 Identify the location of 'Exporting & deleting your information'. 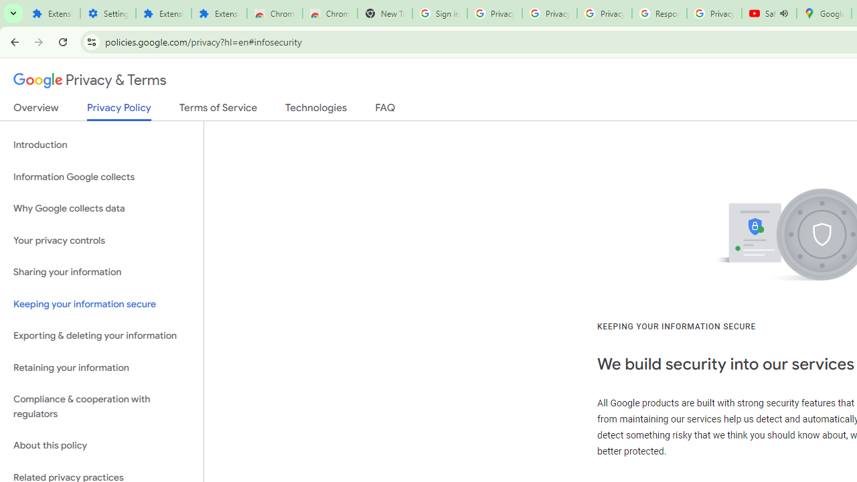
(101, 335).